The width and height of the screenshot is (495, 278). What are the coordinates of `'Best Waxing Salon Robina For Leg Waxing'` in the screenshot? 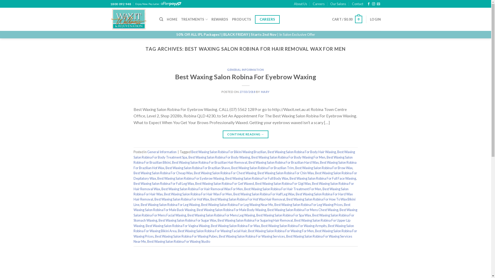 It's located at (170, 204).